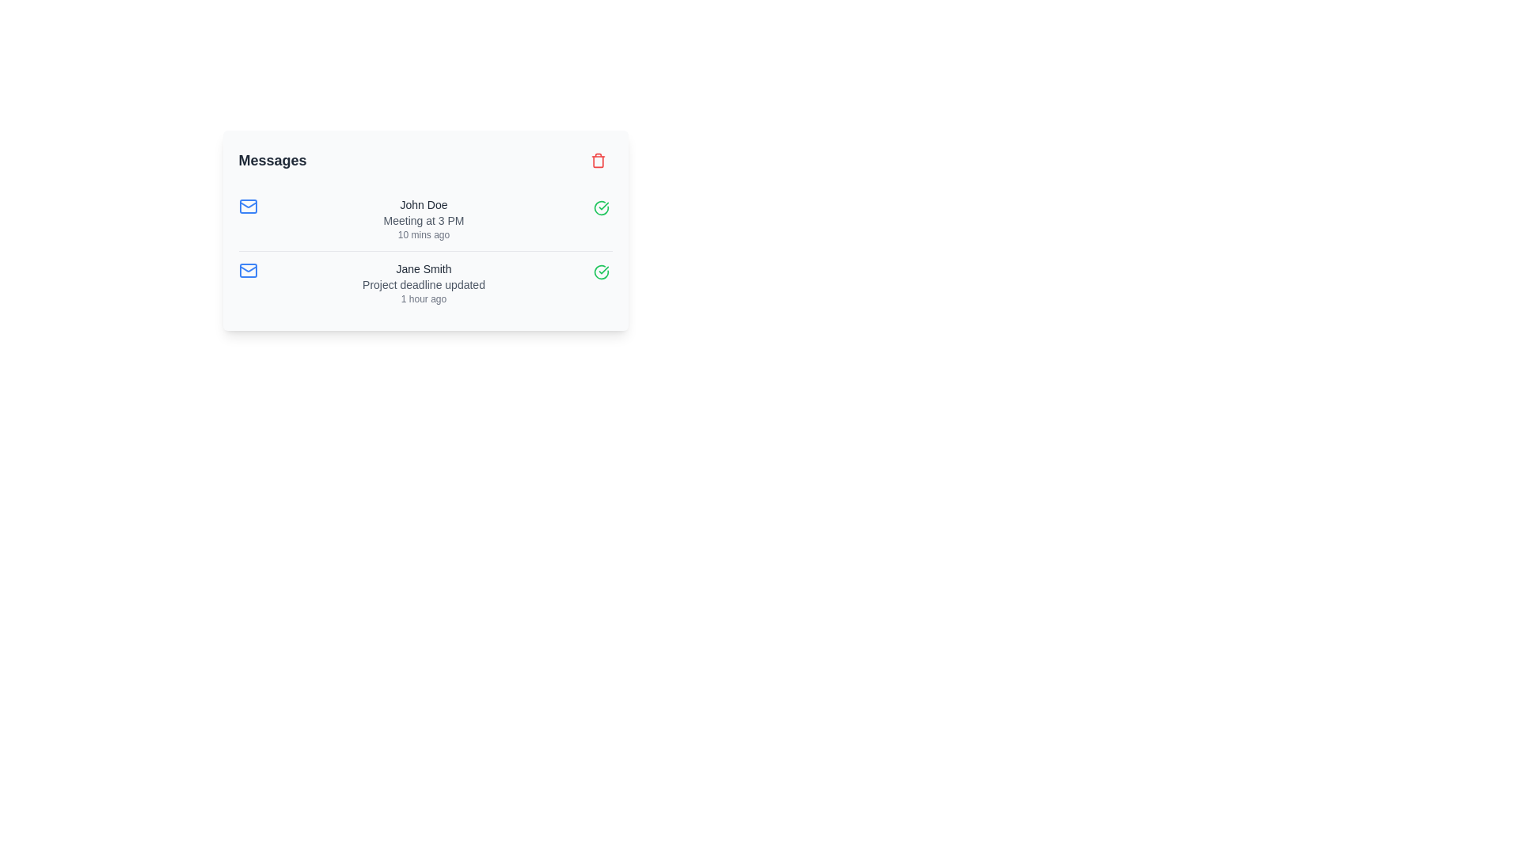 This screenshot has height=855, width=1520. Describe the element at coordinates (424, 283) in the screenshot. I see `the text-based notification entry displaying 'Jane Smith', which includes the subtitle 'Project deadline updated' and the timestamp '1 hour ago'` at that location.